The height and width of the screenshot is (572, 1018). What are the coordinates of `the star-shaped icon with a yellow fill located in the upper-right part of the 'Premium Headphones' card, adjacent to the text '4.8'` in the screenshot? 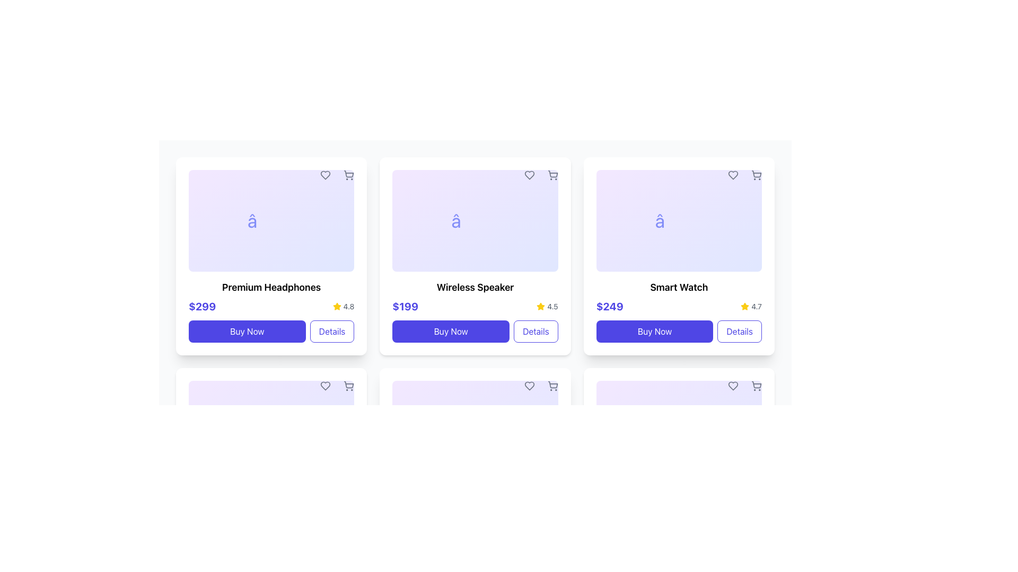 It's located at (336, 306).